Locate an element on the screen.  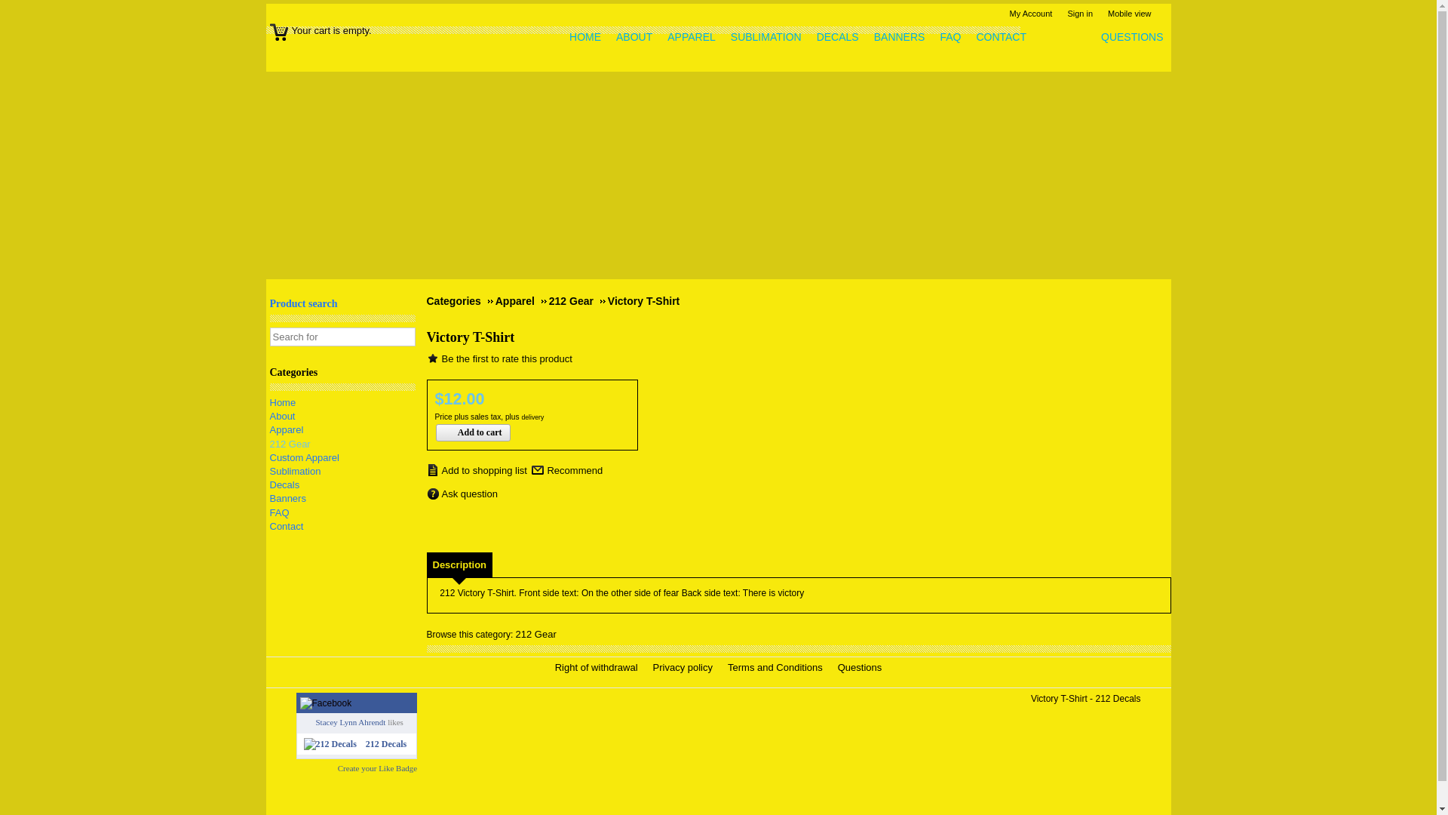
'Sublimation' is located at coordinates (270, 470).